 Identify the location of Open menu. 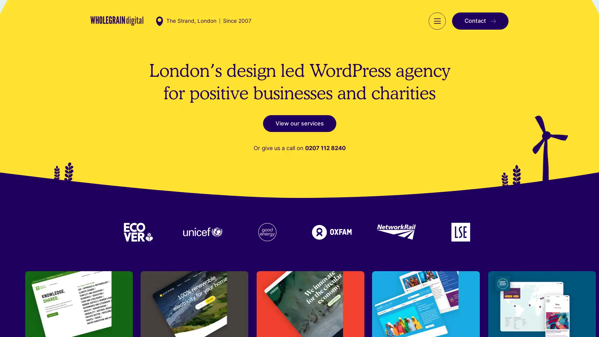
(437, 21).